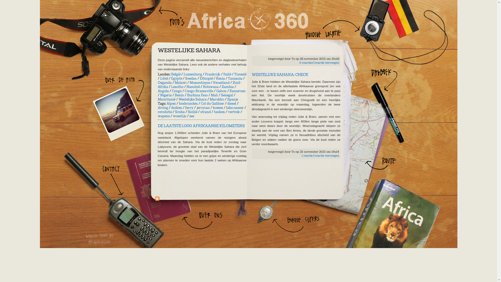 The height and width of the screenshot is (282, 501). I want to click on 'Alpen', so click(171, 104).